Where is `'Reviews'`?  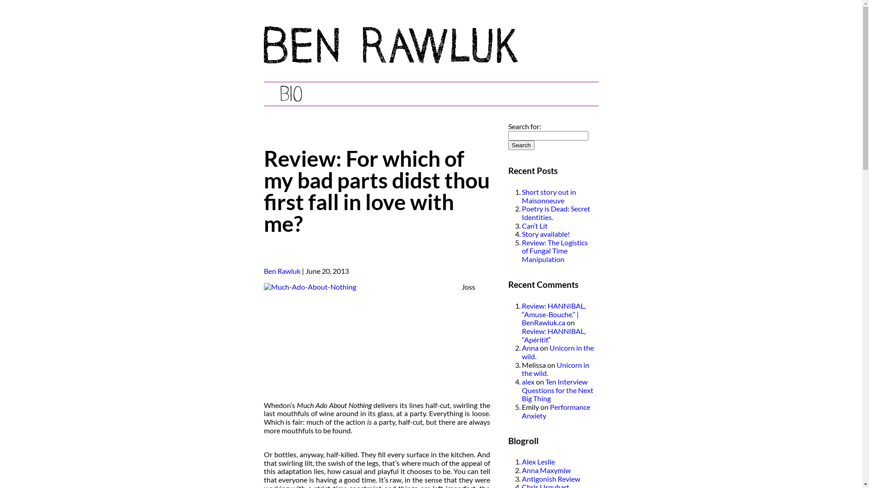 'Reviews' is located at coordinates (426, 94).